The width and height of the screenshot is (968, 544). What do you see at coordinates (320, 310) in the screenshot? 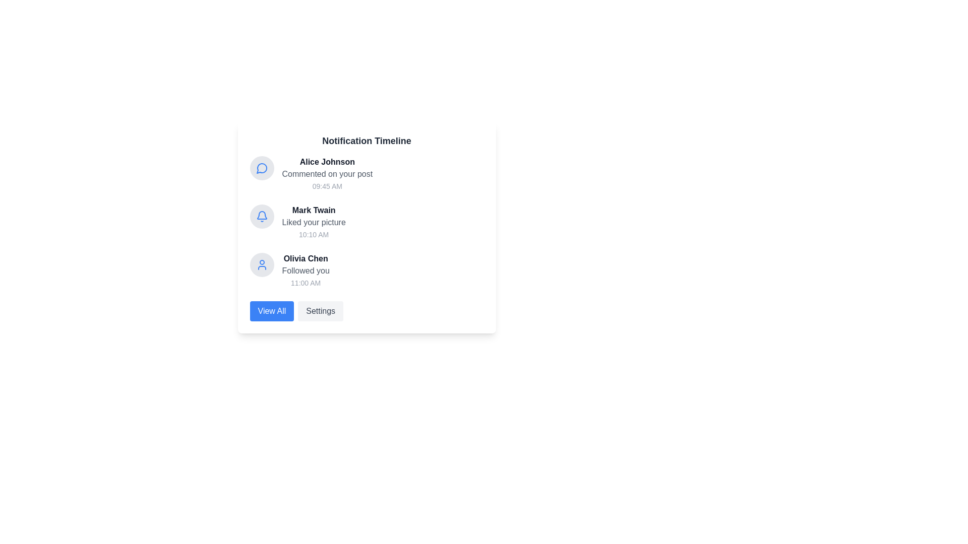
I see `the settings button located directly to the right of the blue 'View All' button in the notification panel` at bounding box center [320, 310].